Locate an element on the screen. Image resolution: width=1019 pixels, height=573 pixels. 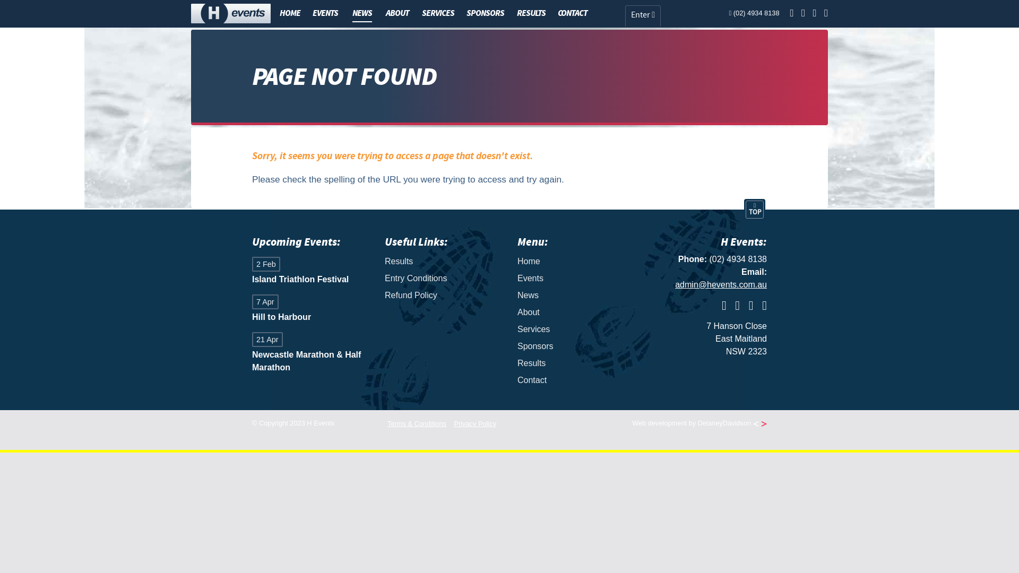
'Contact' is located at coordinates (575, 380).